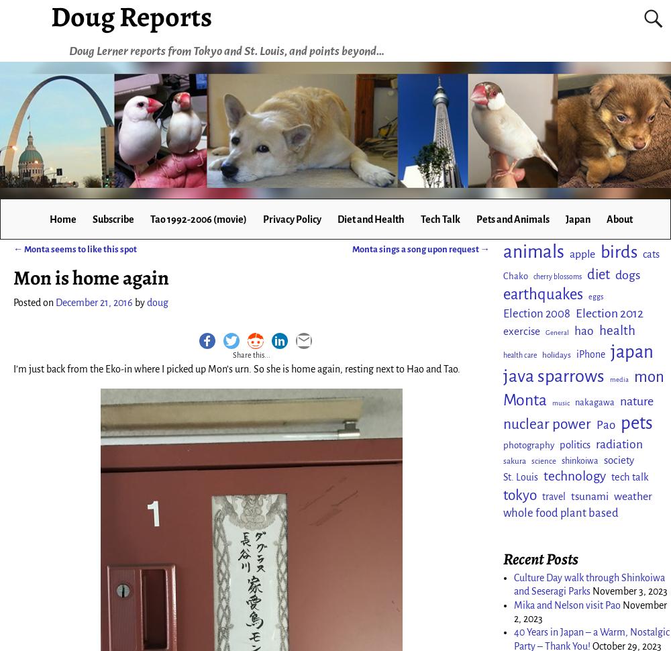 This screenshot has width=671, height=651. What do you see at coordinates (503, 557) in the screenshot?
I see `'Recent Posts'` at bounding box center [503, 557].